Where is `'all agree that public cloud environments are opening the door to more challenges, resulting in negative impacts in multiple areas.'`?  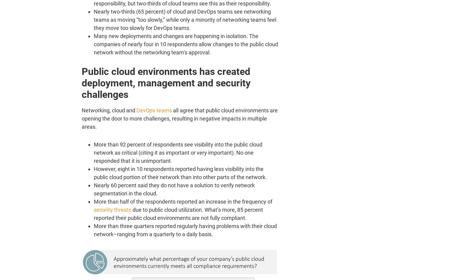
'all agree that public cloud environments are opening the door to more challenges, resulting in negative impacts in multiple areas.' is located at coordinates (179, 118).